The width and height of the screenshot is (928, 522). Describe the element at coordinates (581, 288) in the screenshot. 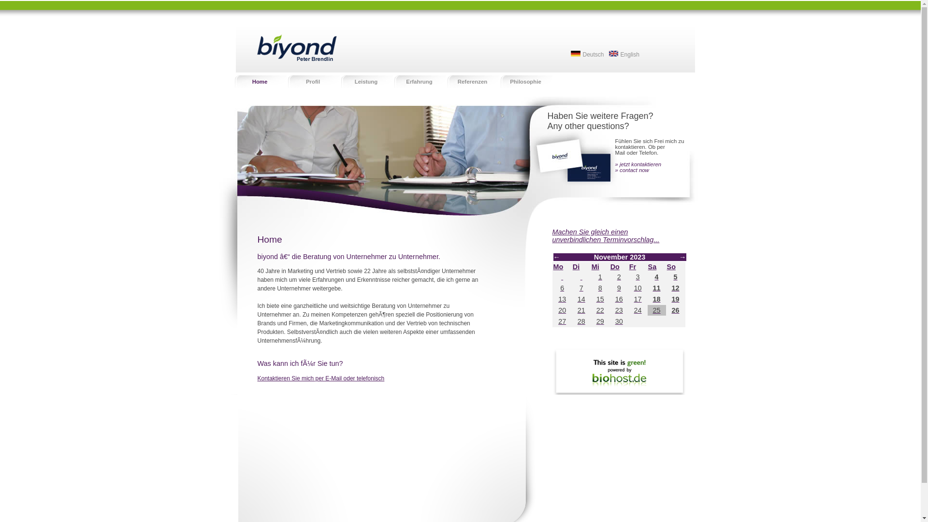

I see `'7'` at that location.